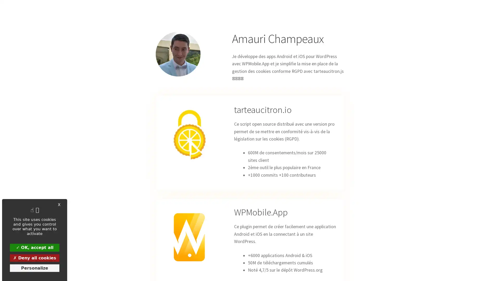  What do you see at coordinates (34, 268) in the screenshot?
I see `Personalize (modal window)` at bounding box center [34, 268].